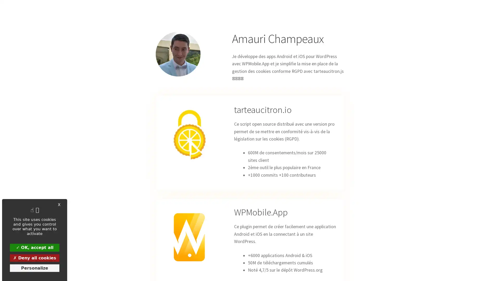  What do you see at coordinates (34, 268) in the screenshot?
I see `Personalize (modal window)` at bounding box center [34, 268].